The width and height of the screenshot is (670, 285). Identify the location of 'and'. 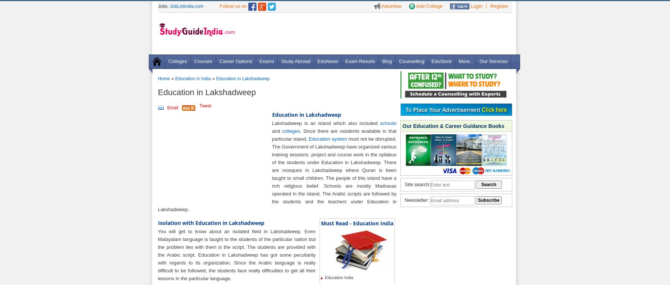
(271, 131).